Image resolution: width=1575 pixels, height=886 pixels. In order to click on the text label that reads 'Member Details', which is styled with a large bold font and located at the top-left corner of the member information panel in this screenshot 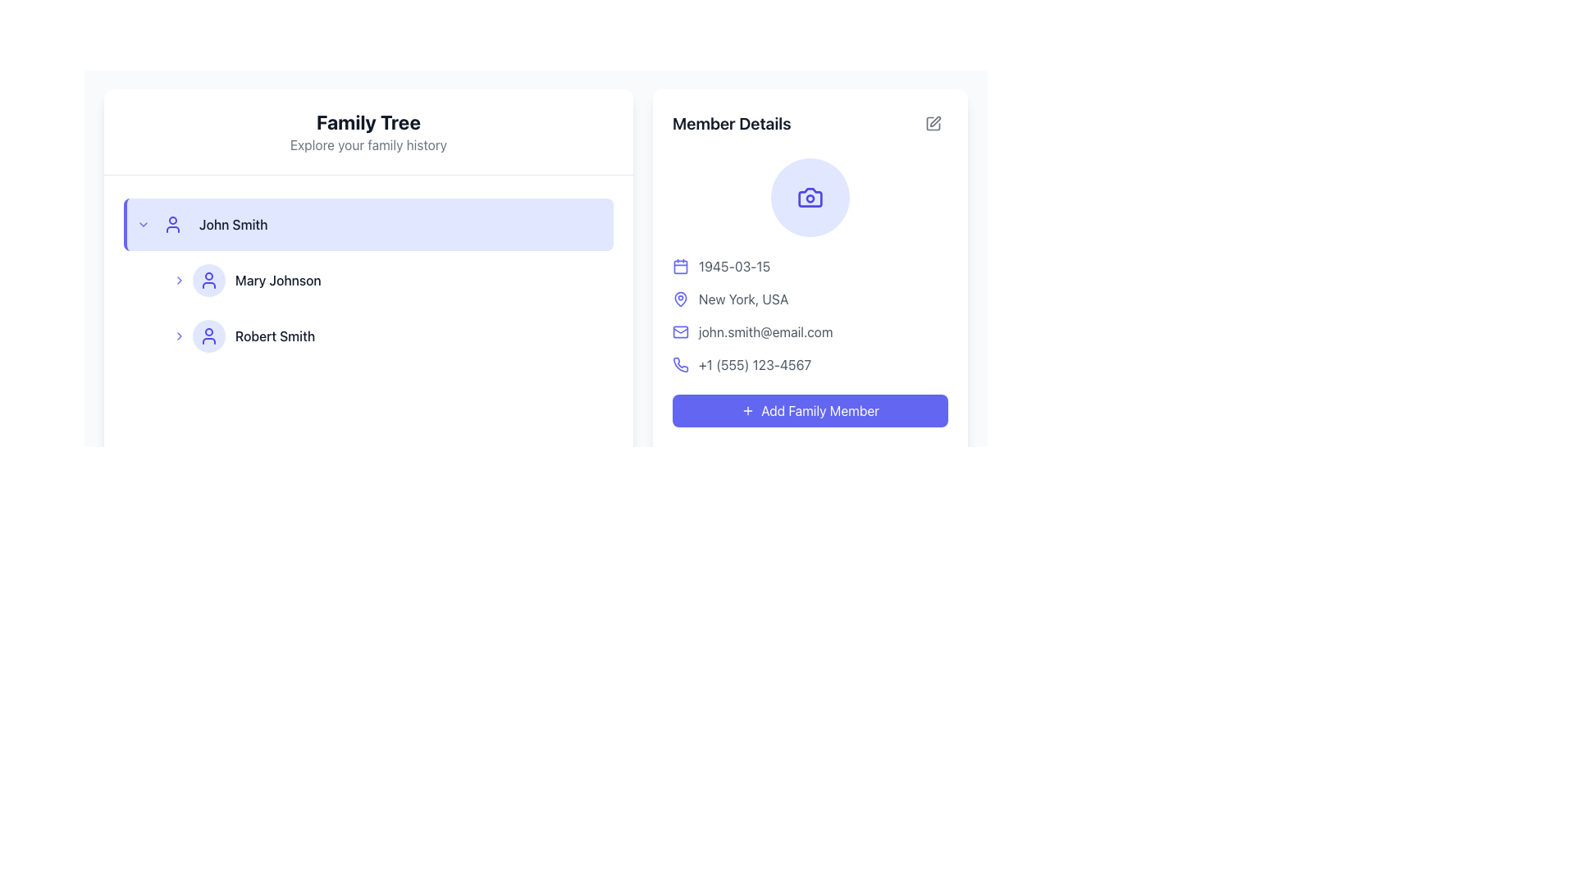, I will do `click(731, 122)`.